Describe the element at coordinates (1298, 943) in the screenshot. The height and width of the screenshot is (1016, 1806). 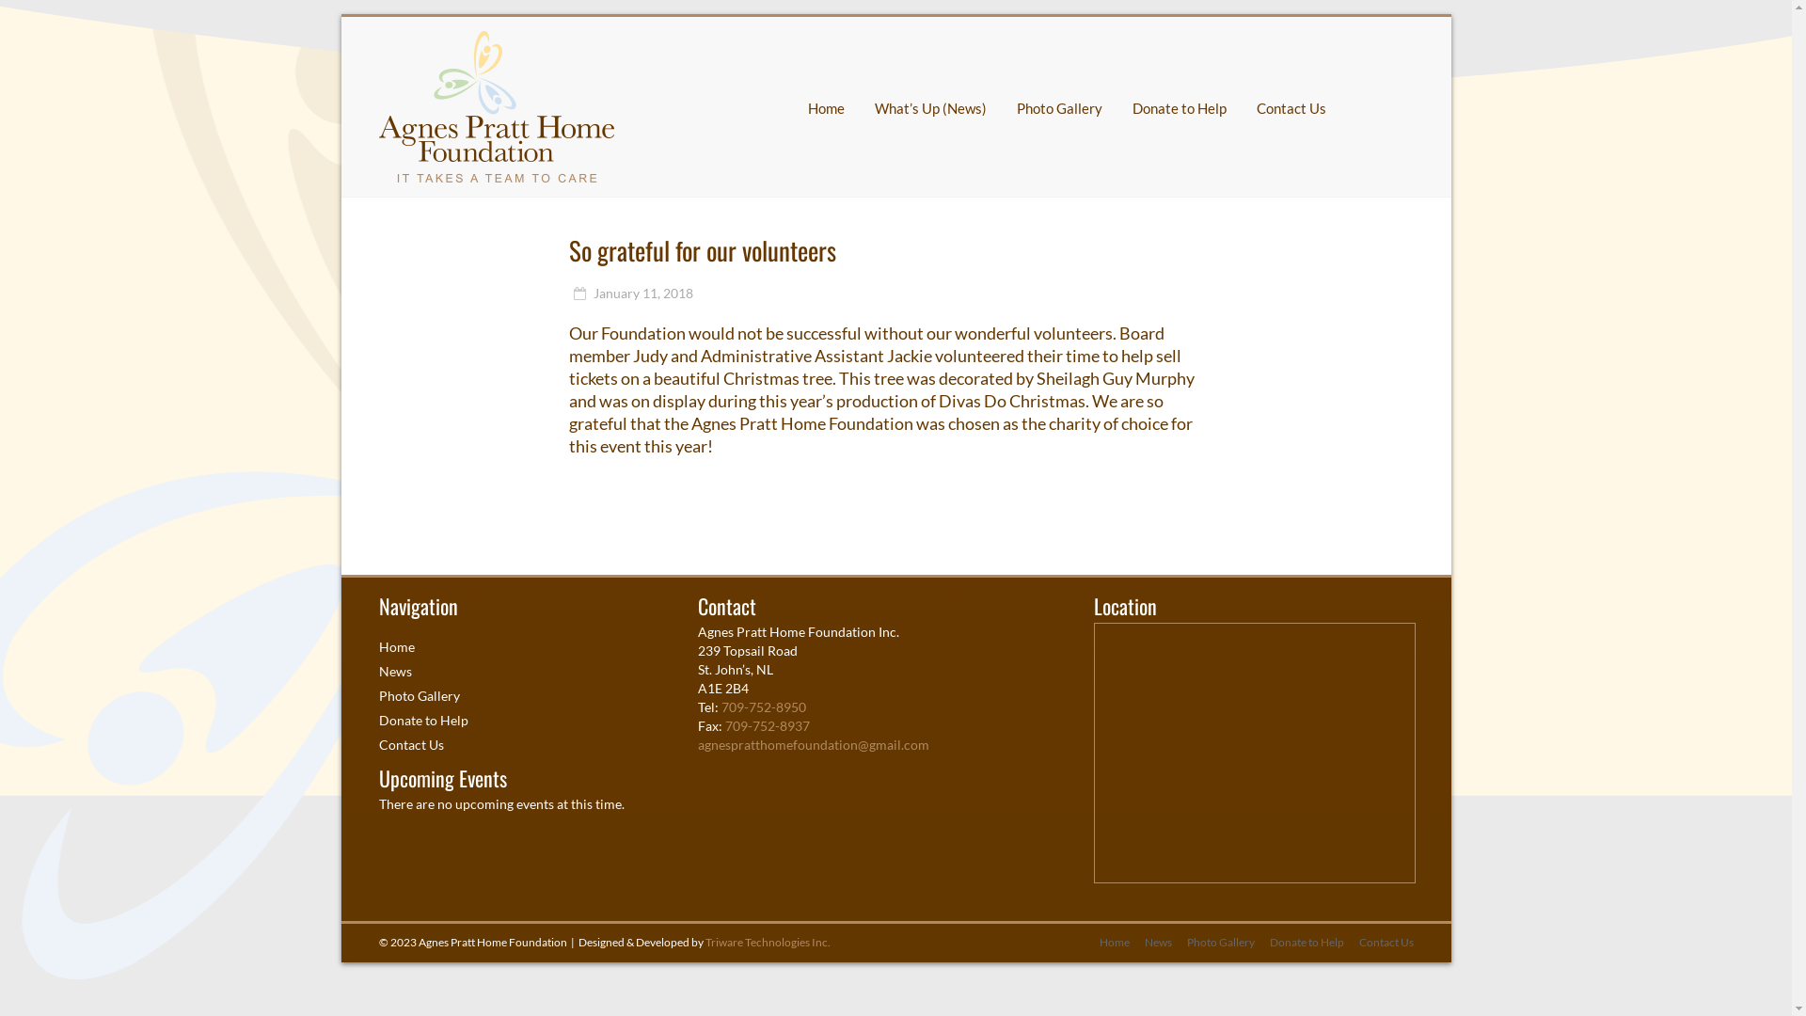
I see `'Donate to Help'` at that location.